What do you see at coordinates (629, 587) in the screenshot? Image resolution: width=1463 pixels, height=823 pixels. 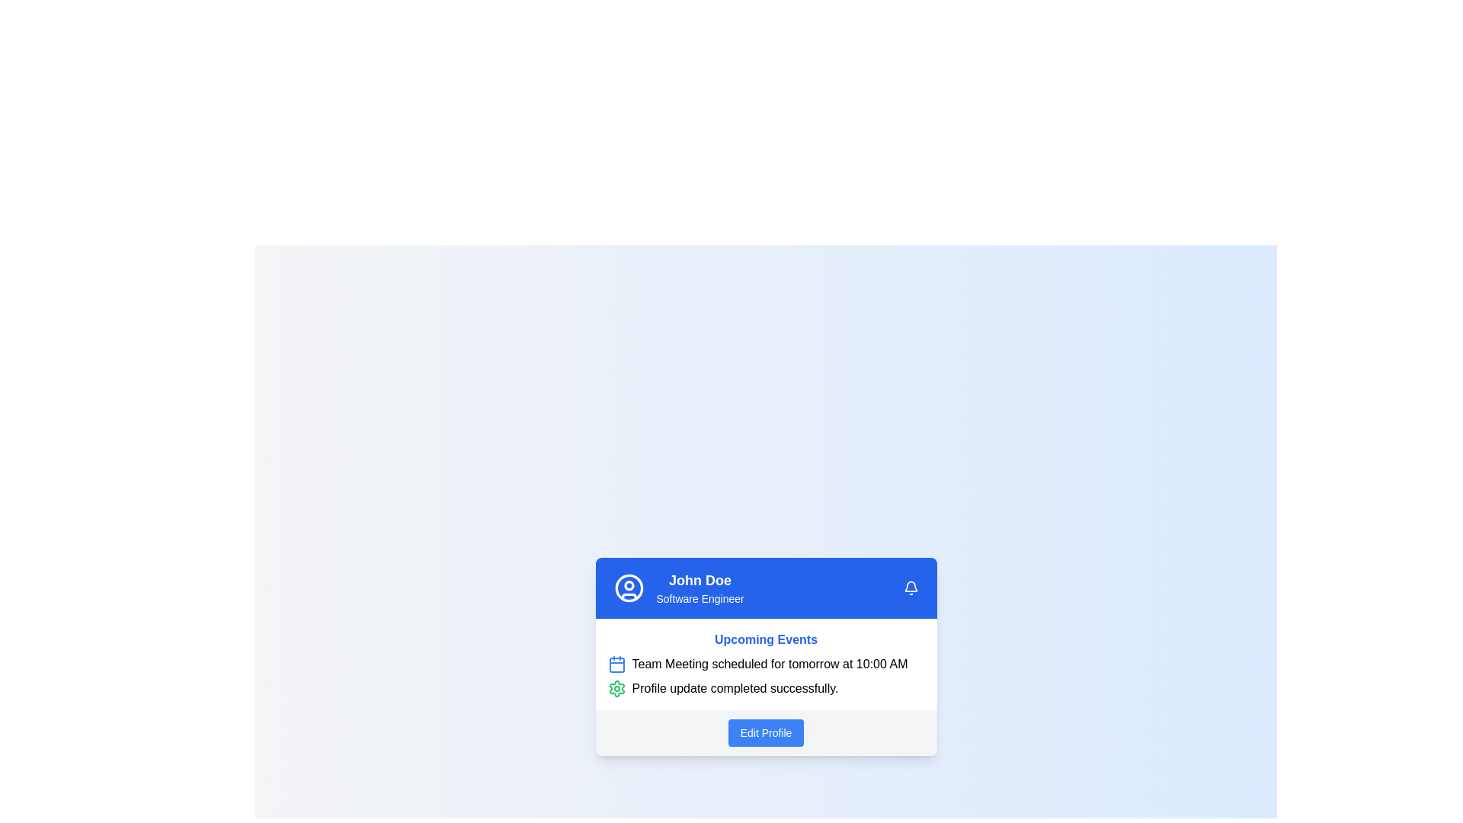 I see `the user/avatar icon located to the left of the text 'John Doe' in the header of the user information card` at bounding box center [629, 587].